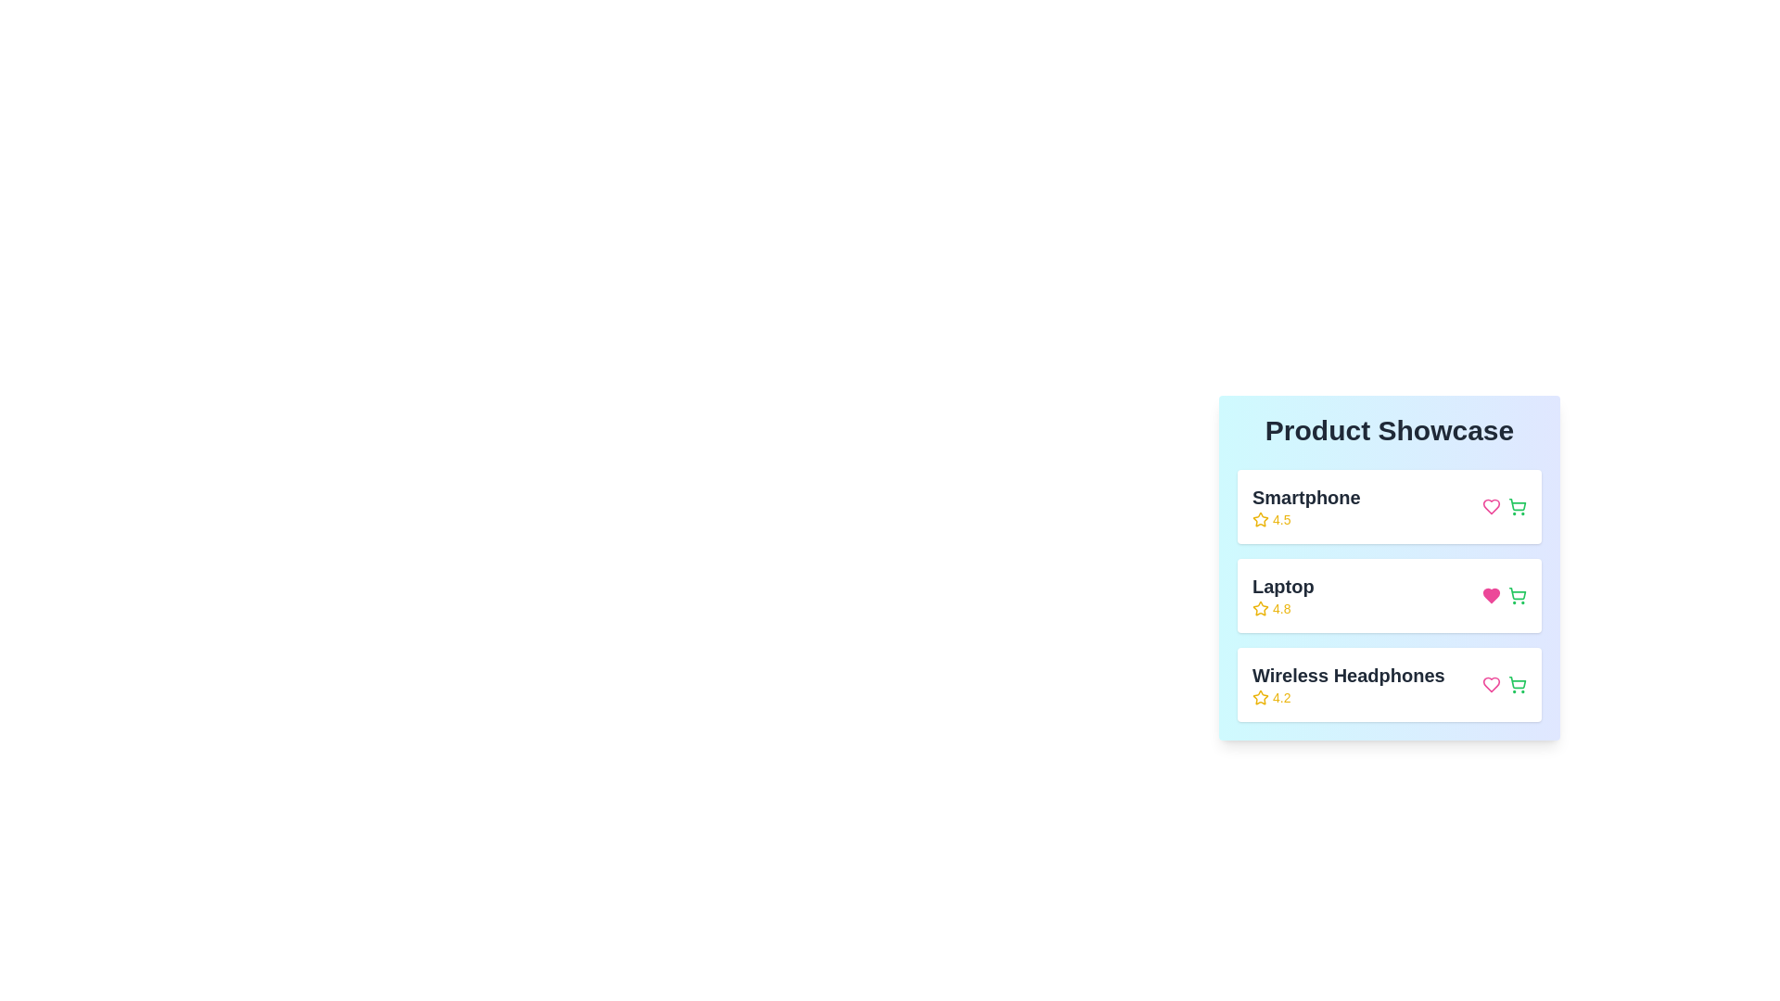 The image size is (1780, 1001). I want to click on shopping cart button for the product Wireless Headphones, so click(1517, 685).